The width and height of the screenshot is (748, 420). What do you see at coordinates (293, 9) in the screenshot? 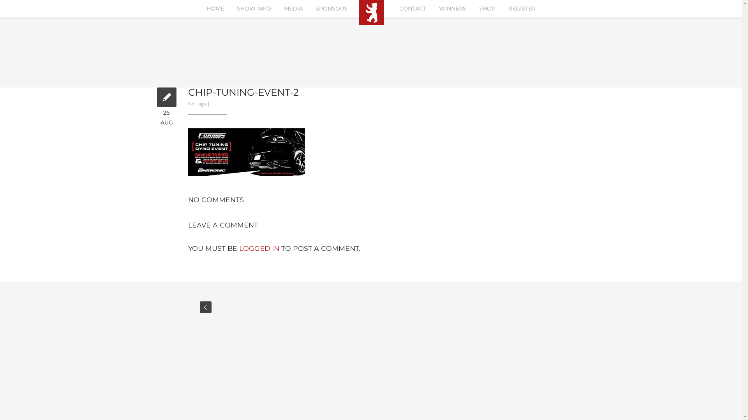
I see `'MEDIA'` at bounding box center [293, 9].